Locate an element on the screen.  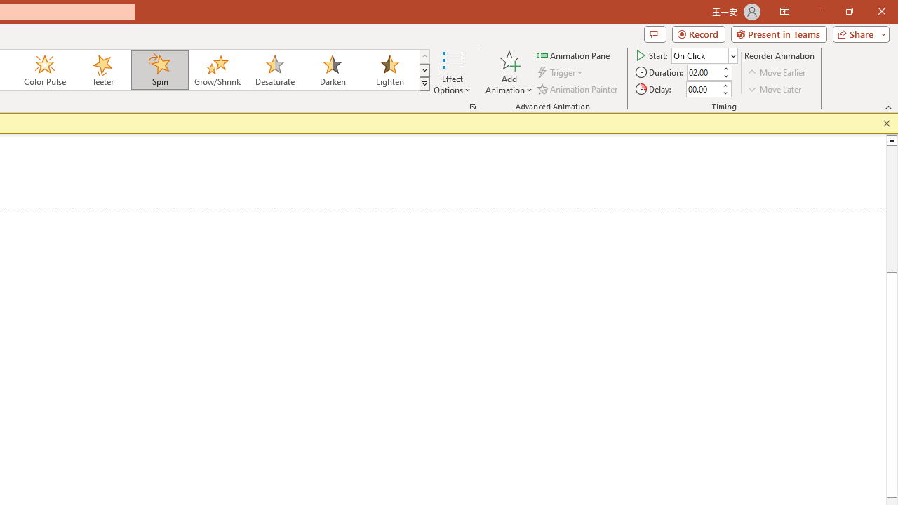
'Class: NetUIImage' is located at coordinates (424, 83).